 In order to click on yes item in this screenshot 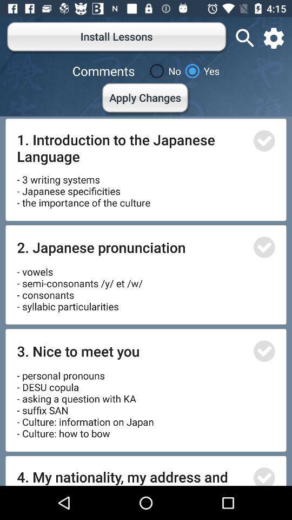, I will do `click(200, 70)`.